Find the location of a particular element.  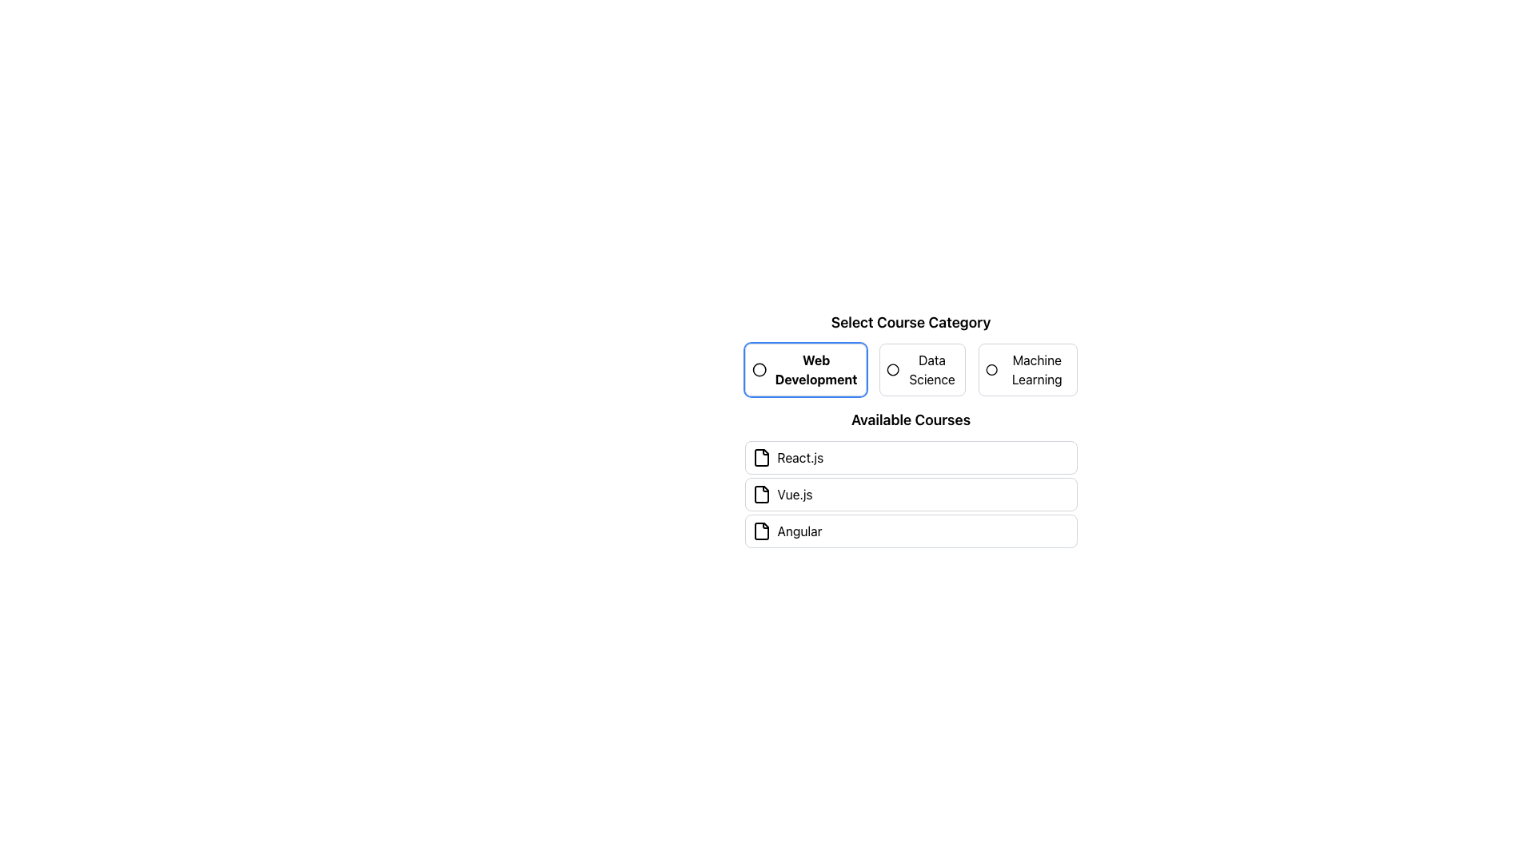

the 'Data Science' radio button is located at coordinates (922, 369).